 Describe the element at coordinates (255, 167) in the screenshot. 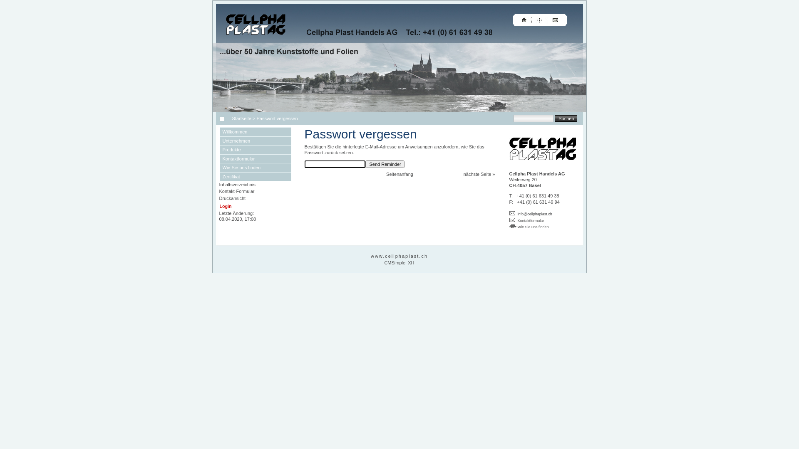

I see `'Wie Sie uns finden'` at that location.